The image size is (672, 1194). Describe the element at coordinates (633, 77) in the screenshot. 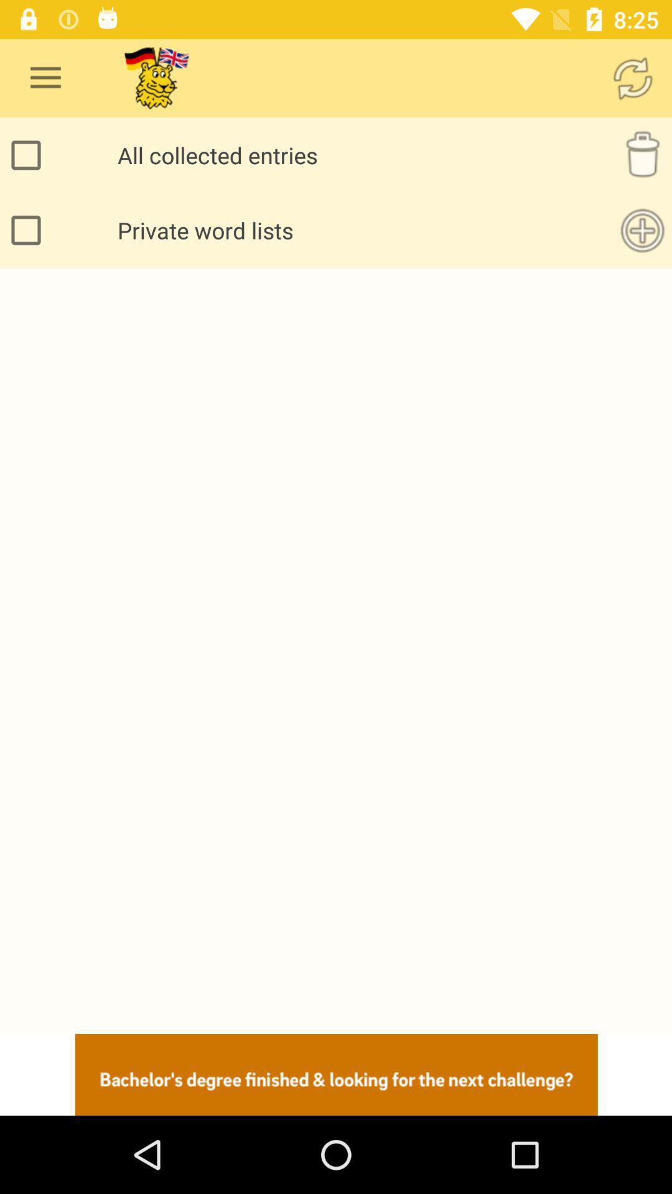

I see `refresh` at that location.